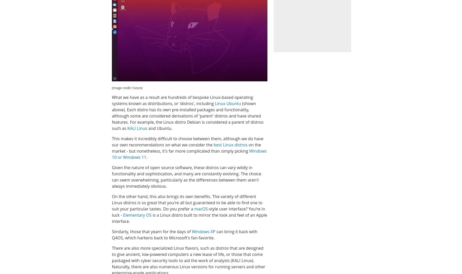 The height and width of the screenshot is (274, 462). I want to click on 'Windows XP', so click(203, 231).